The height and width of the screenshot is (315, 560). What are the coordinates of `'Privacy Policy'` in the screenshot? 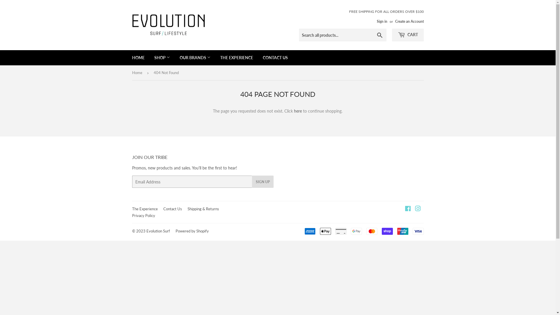 It's located at (131, 216).